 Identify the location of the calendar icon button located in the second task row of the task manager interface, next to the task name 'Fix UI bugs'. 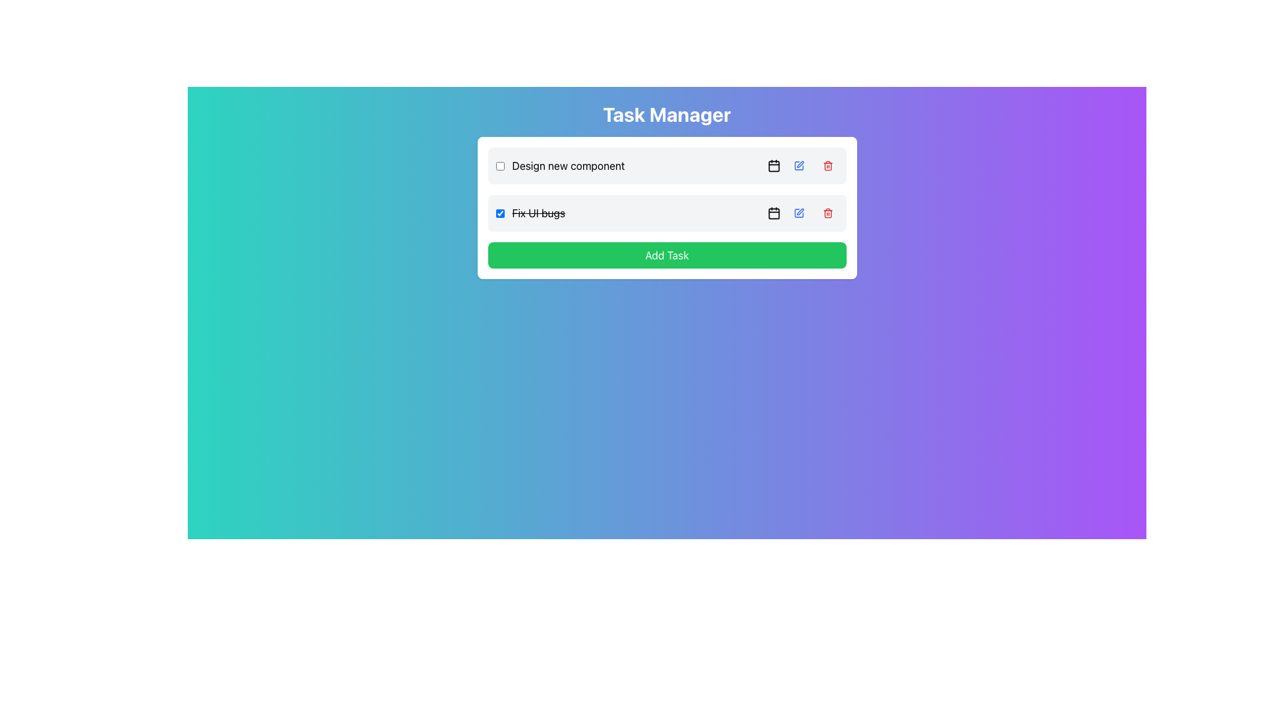
(773, 213).